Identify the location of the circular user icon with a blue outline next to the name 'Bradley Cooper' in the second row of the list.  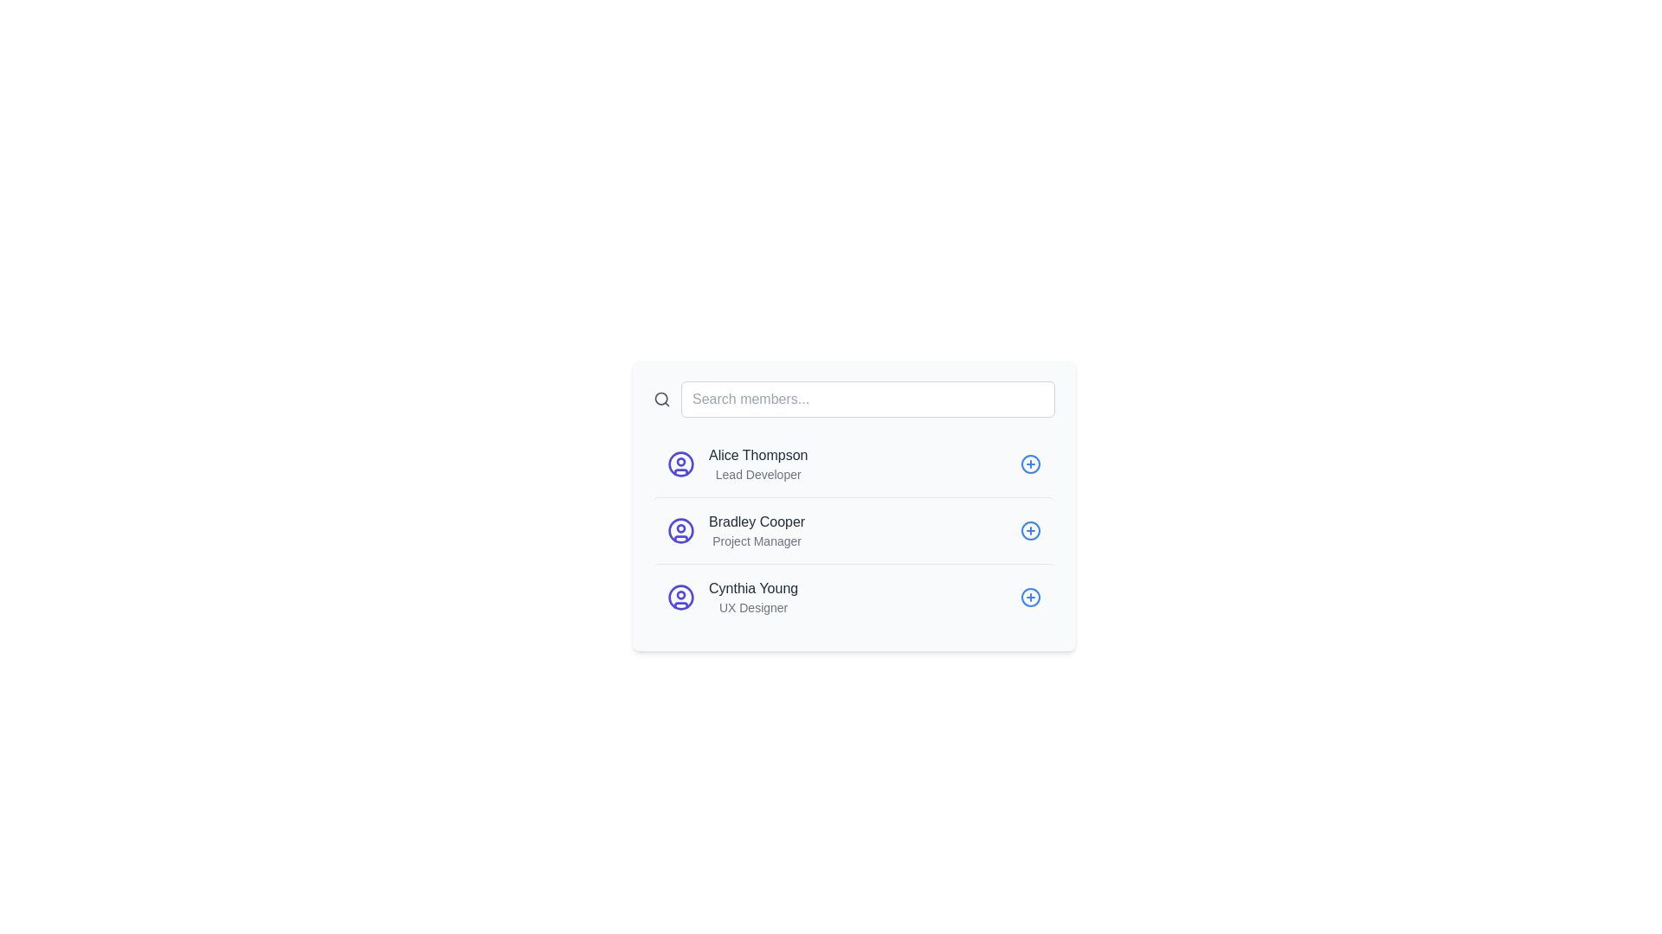
(680, 529).